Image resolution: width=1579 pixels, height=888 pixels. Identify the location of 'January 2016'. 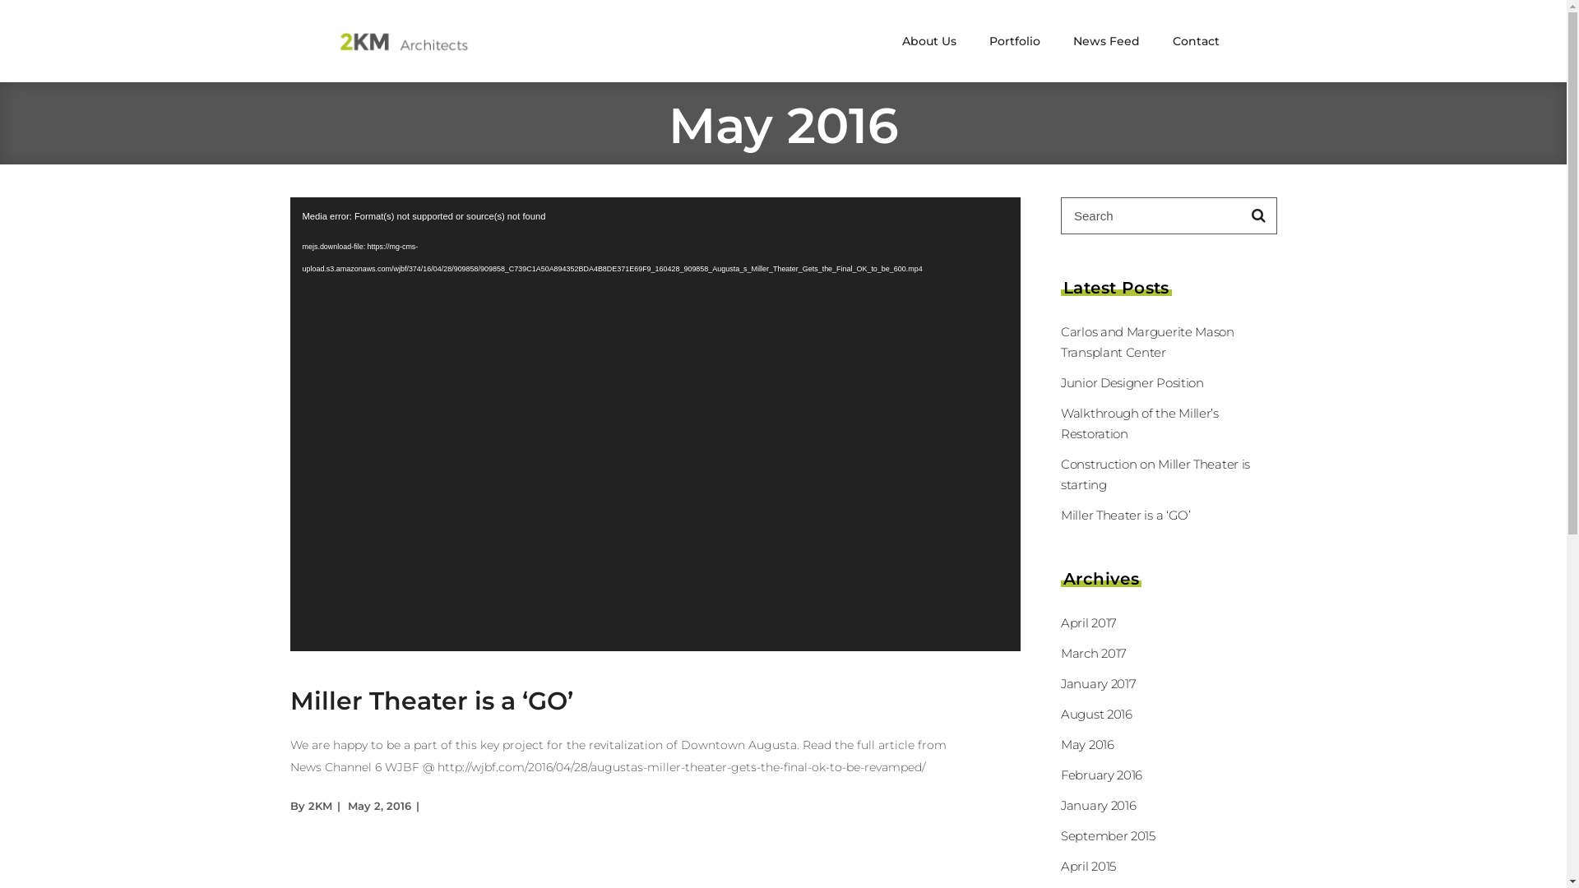
(1098, 804).